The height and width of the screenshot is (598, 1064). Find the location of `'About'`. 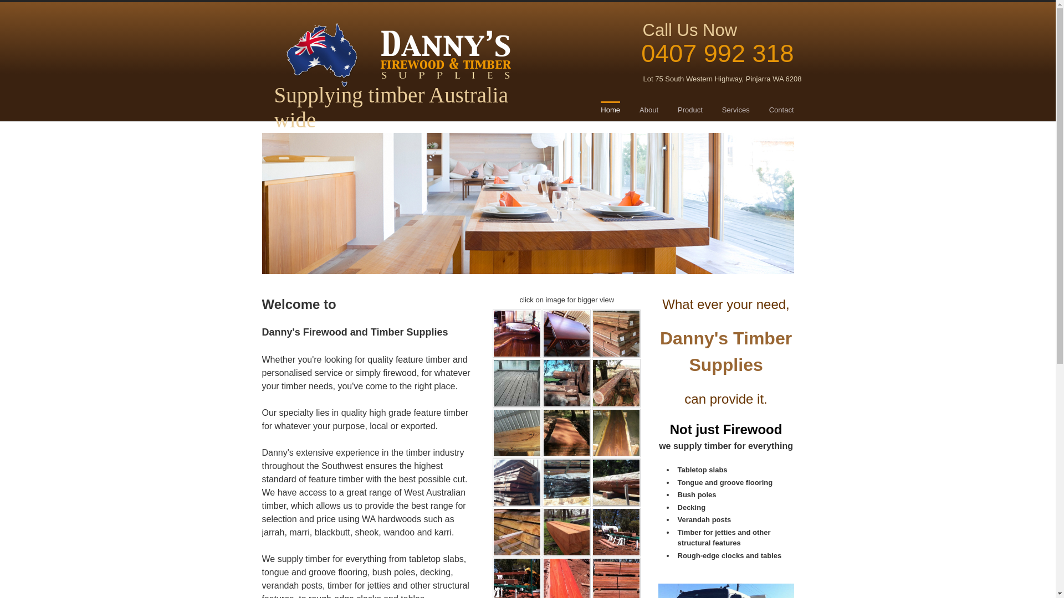

'About' is located at coordinates (649, 111).